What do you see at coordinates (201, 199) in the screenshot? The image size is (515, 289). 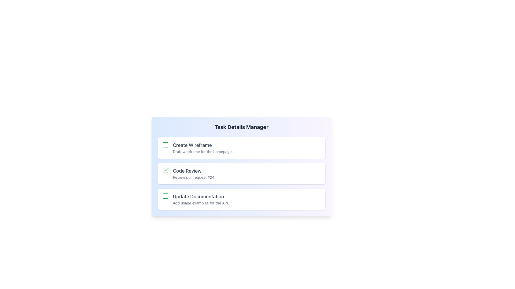 I see `the text block displaying 'Update Documentation' which is the third item in the list of task entries, located beneath 'Code Review'` at bounding box center [201, 199].